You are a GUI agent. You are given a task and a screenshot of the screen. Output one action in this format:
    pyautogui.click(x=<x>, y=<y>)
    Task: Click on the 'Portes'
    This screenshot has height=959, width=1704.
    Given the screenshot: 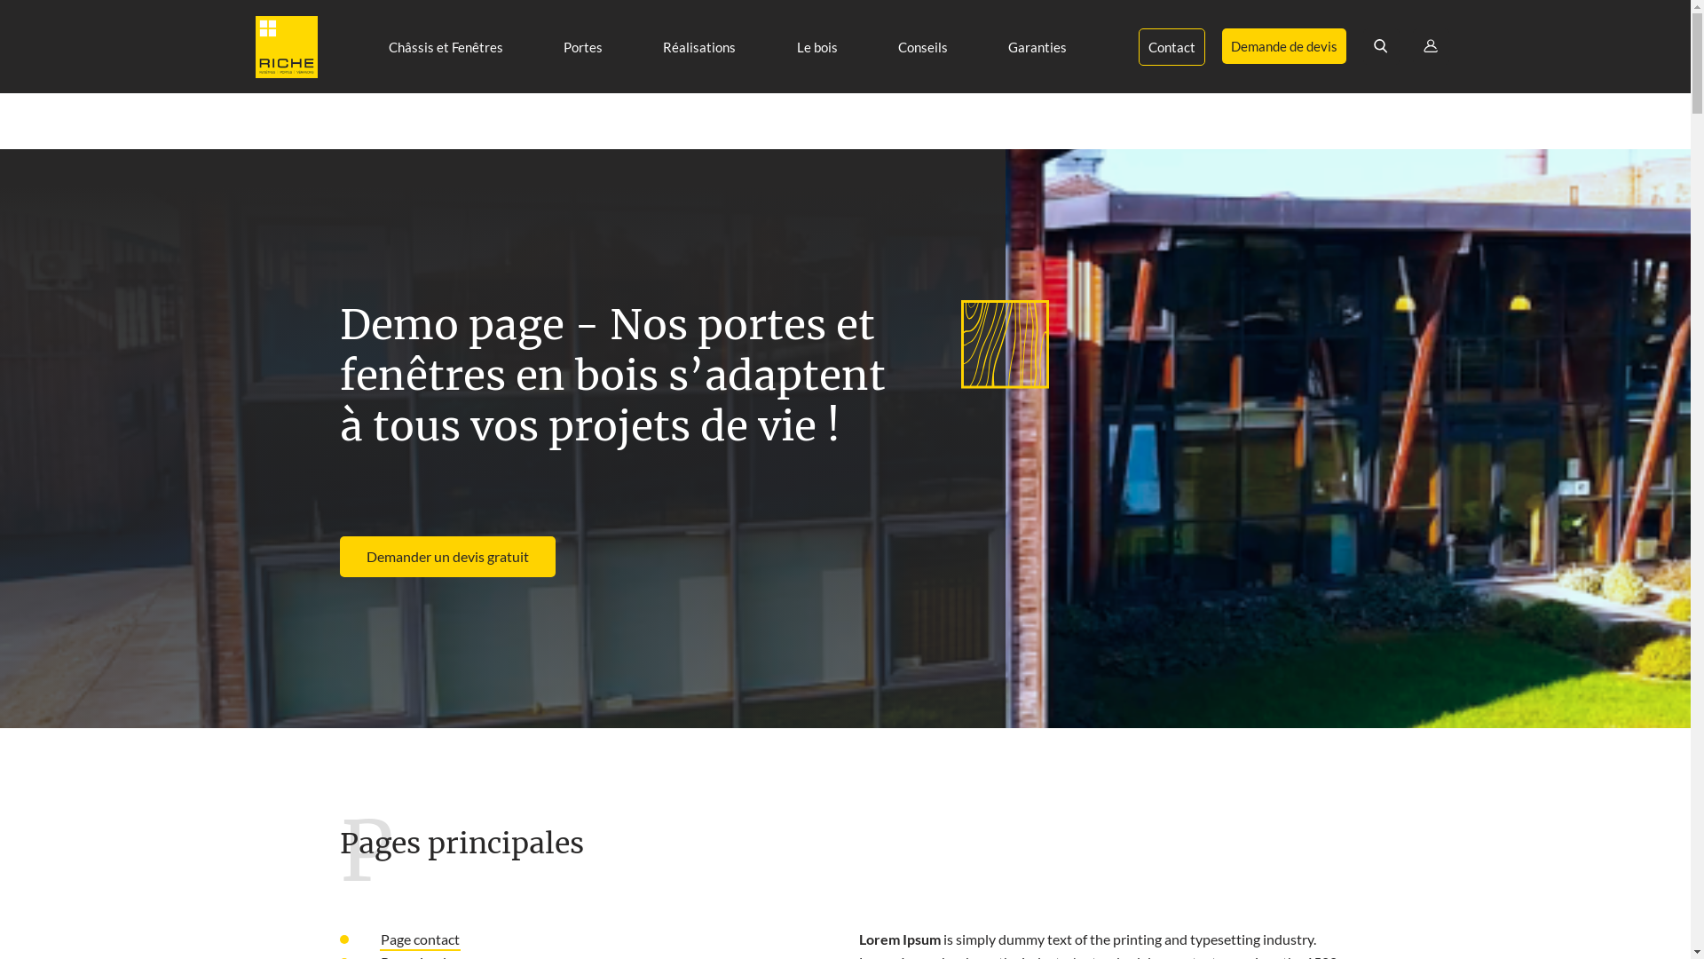 What is the action you would take?
    pyautogui.click(x=562, y=46)
    